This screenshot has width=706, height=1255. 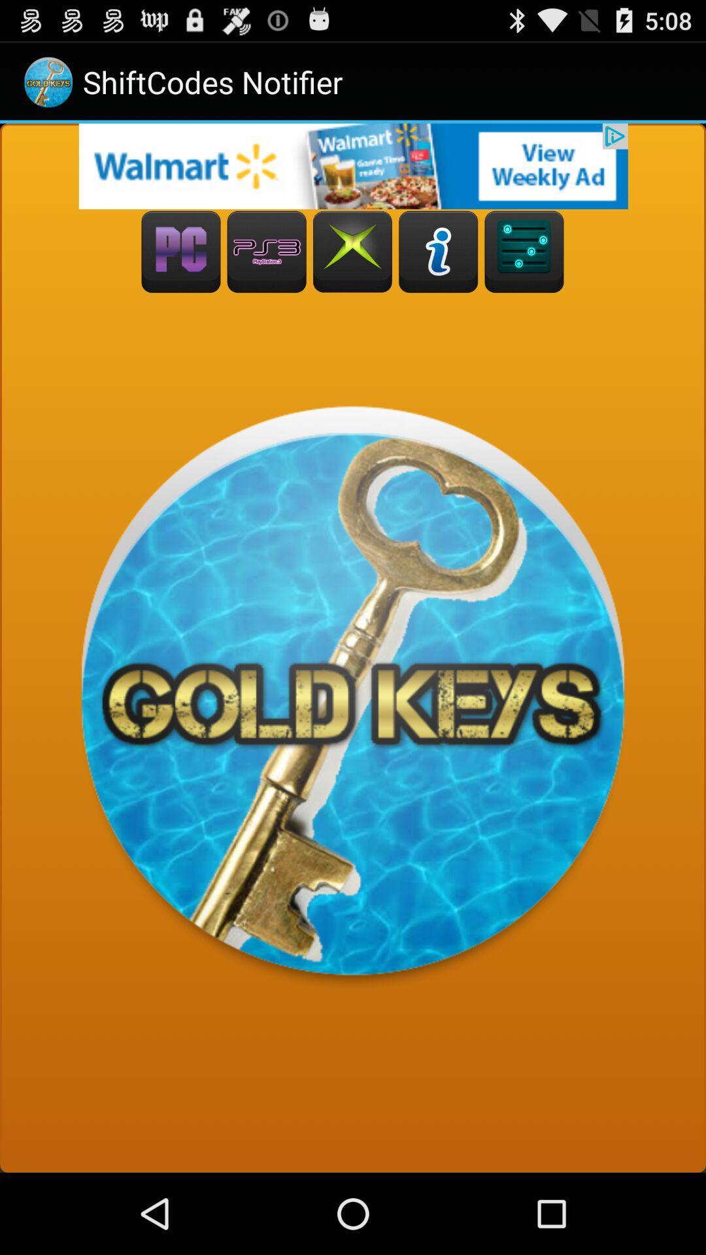 What do you see at coordinates (266, 252) in the screenshot?
I see `click option` at bounding box center [266, 252].